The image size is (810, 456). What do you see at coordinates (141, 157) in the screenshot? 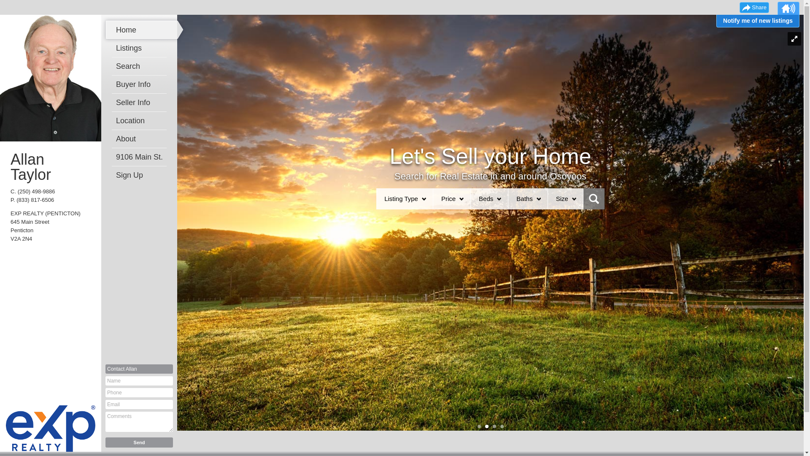
I see `'9106 Main St.'` at bounding box center [141, 157].